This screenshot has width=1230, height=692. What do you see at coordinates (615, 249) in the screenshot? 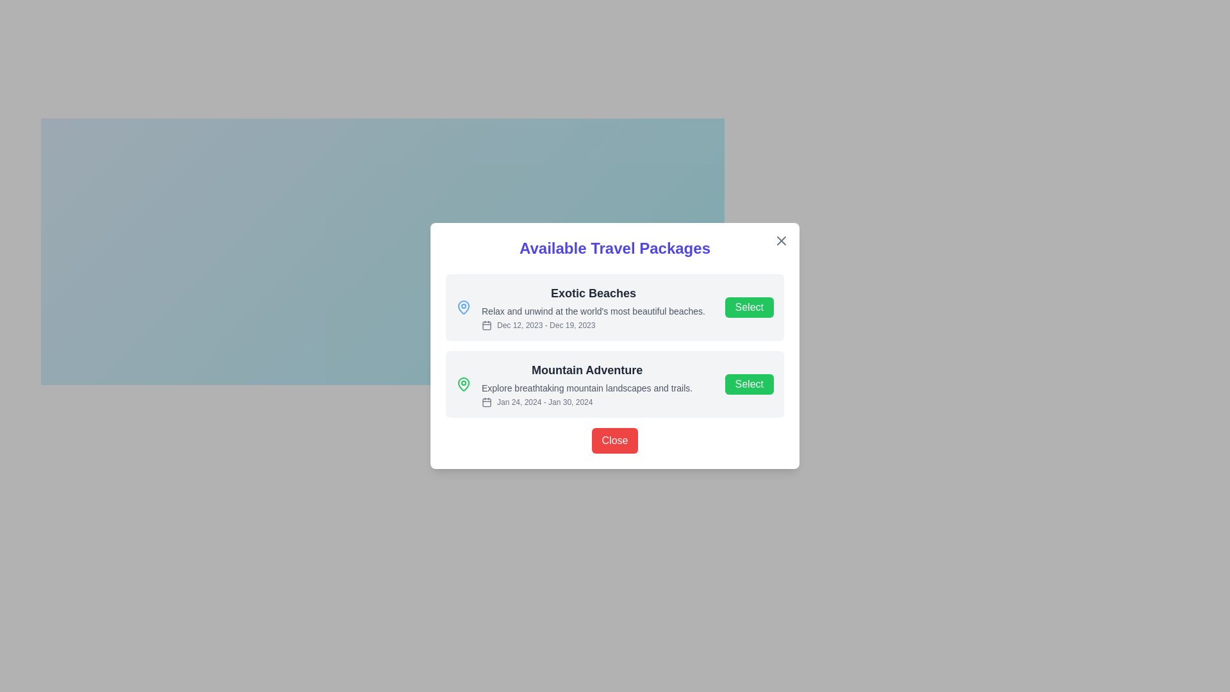
I see `the text label displaying 'Available Travel Packages', which is styled in bold indigo font and positioned prominently at the top center of a white rounded card` at bounding box center [615, 249].